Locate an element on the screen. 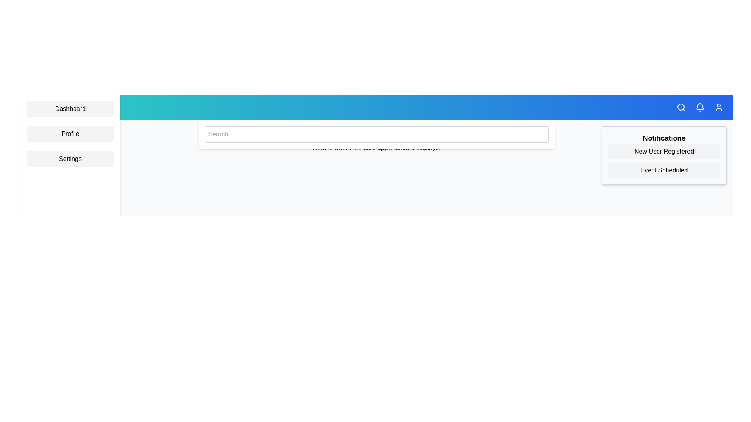 The height and width of the screenshot is (422, 751). the bell icon located in the top-right corner of the interface is located at coordinates (700, 107).